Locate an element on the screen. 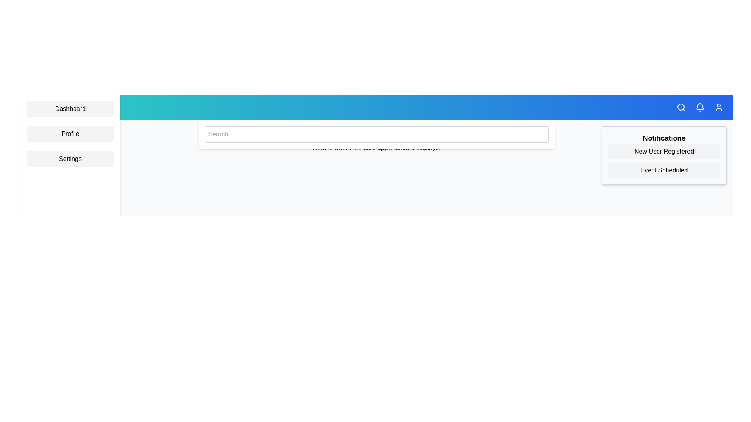 The height and width of the screenshot is (422, 751). the bell icon located in the top-right corner of the interface is located at coordinates (700, 107).